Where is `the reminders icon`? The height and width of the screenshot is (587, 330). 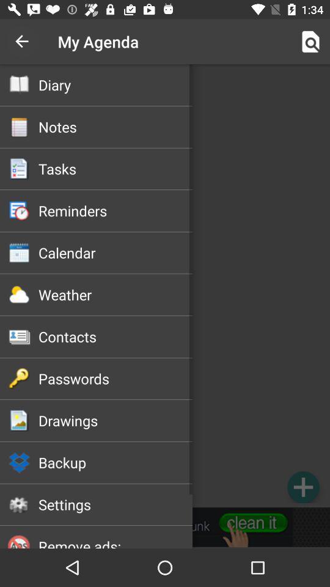
the reminders icon is located at coordinates (116, 210).